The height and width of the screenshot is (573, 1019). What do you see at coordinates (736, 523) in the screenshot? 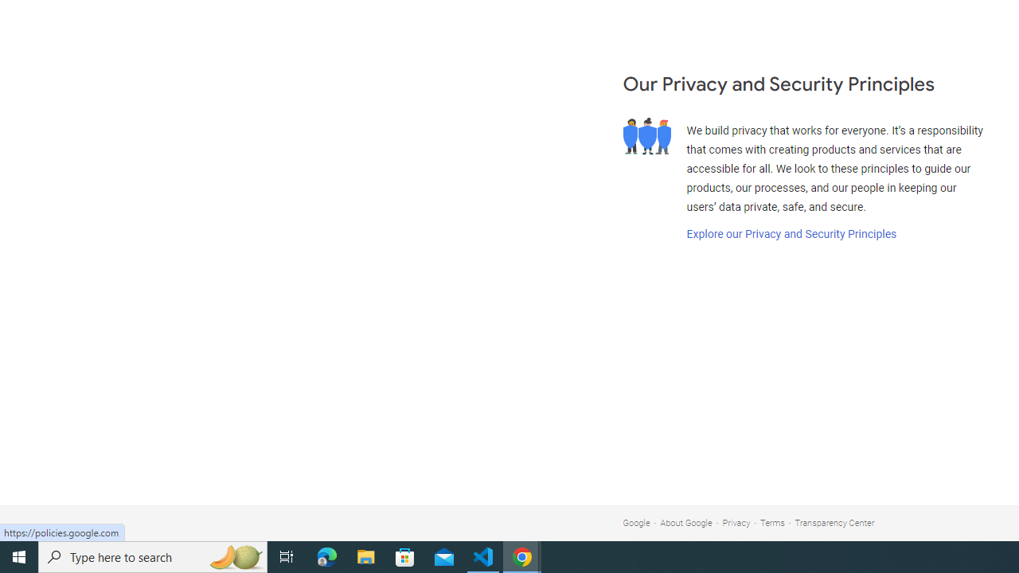
I see `'Privacy'` at bounding box center [736, 523].